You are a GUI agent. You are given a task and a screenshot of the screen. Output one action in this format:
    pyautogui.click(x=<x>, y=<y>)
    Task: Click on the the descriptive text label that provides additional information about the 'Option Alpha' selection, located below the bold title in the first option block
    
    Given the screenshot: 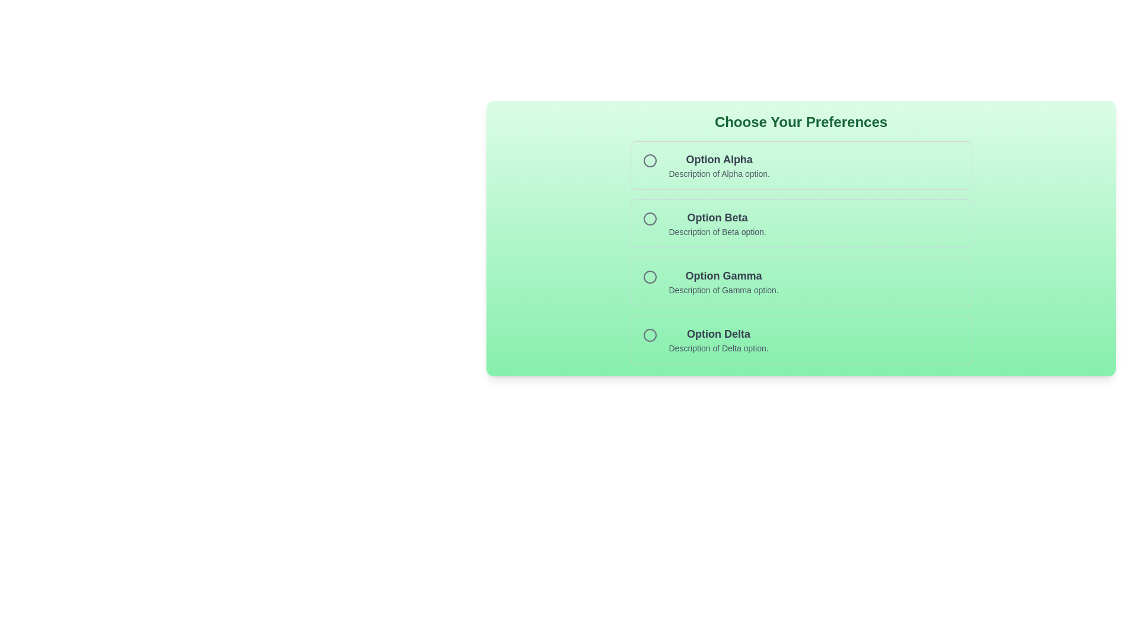 What is the action you would take?
    pyautogui.click(x=718, y=174)
    